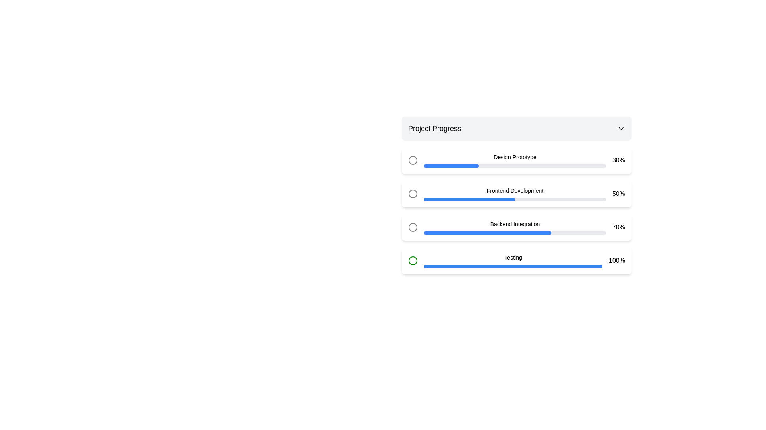 The image size is (766, 430). I want to click on the circular icon outlined in gray that is located to the left of the 'Design Prototype' text in the progress widget, so click(413, 160).